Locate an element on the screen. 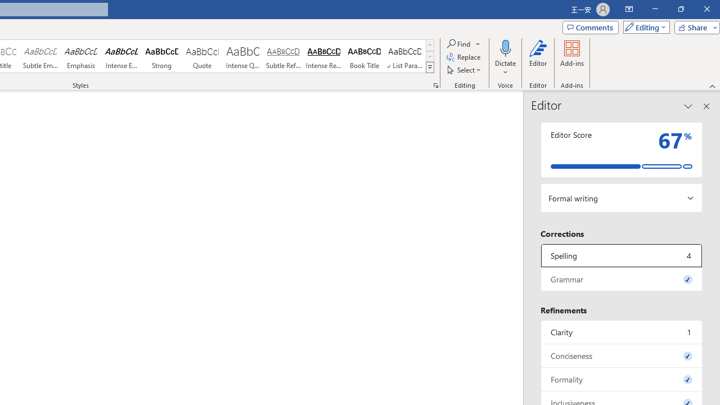 This screenshot has width=720, height=405. 'Editing' is located at coordinates (643, 26).